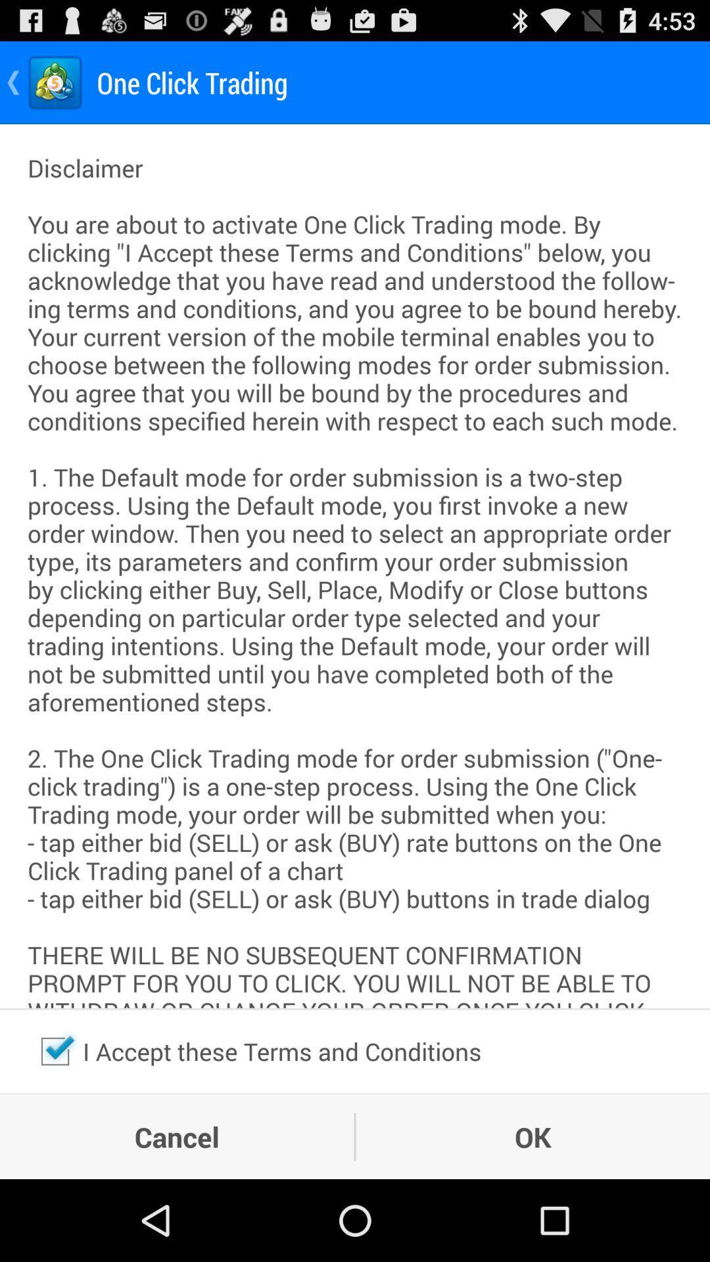 Image resolution: width=710 pixels, height=1262 pixels. I want to click on ok item, so click(532, 1136).